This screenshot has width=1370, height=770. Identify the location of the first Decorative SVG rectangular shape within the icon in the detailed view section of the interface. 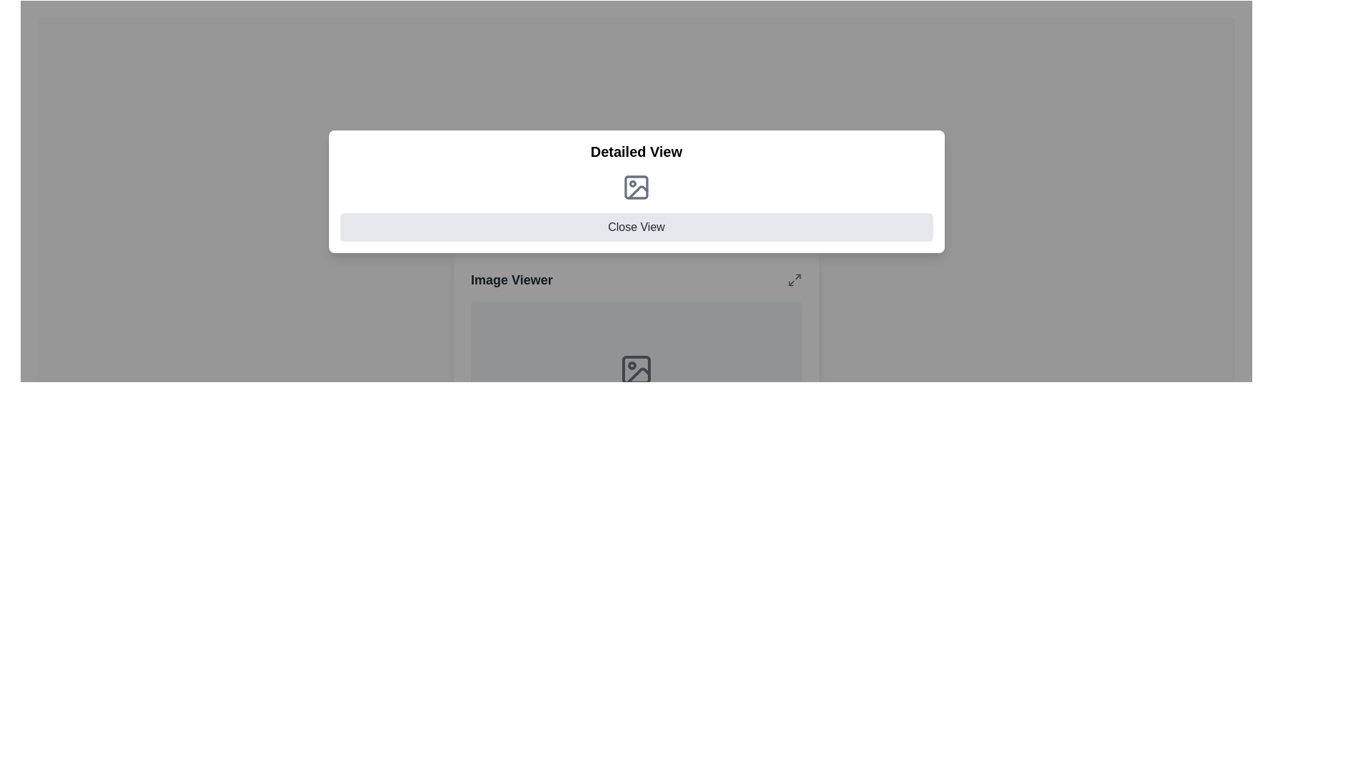
(636, 369).